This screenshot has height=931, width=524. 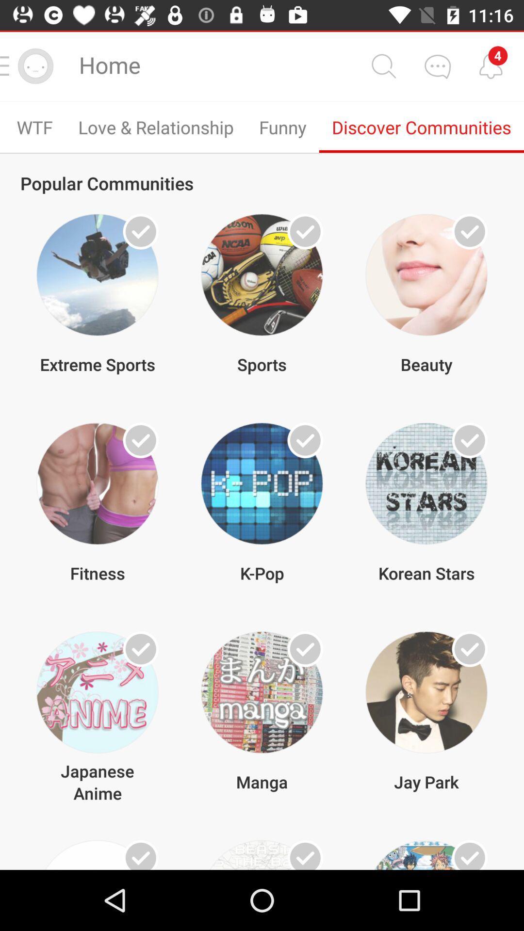 What do you see at coordinates (469, 440) in the screenshot?
I see `join community` at bounding box center [469, 440].